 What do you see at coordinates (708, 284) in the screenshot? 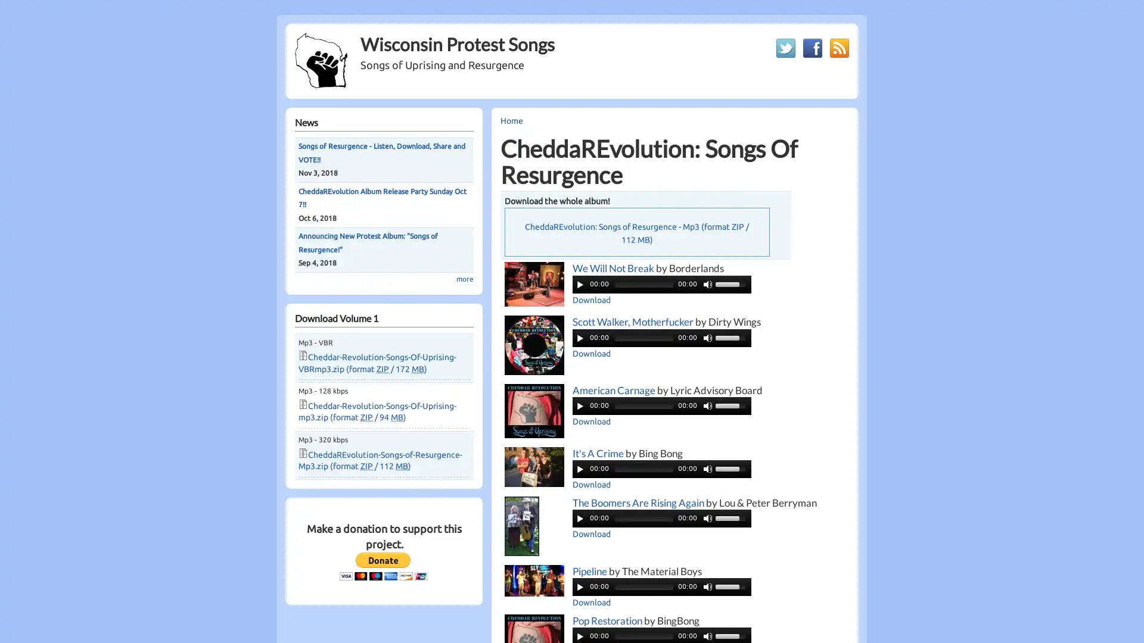
I see `Mute Toggle` at bounding box center [708, 284].